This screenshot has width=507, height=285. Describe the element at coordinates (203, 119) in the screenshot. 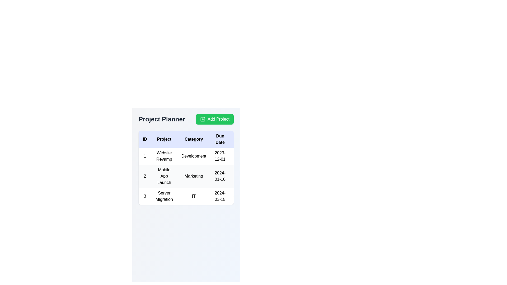

I see `the icon located on the left side of the 'Add Project' button in the top right corner of the project planner interface to initiate the action of adding a new item` at that location.